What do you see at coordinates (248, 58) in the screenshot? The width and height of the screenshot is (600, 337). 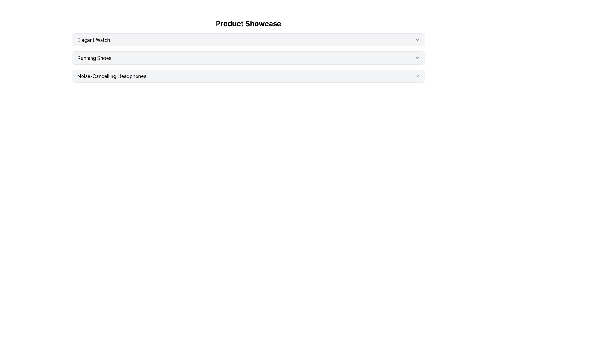 I see `the second button in the vertically stacked list labeled 'Running Shoes'` at bounding box center [248, 58].